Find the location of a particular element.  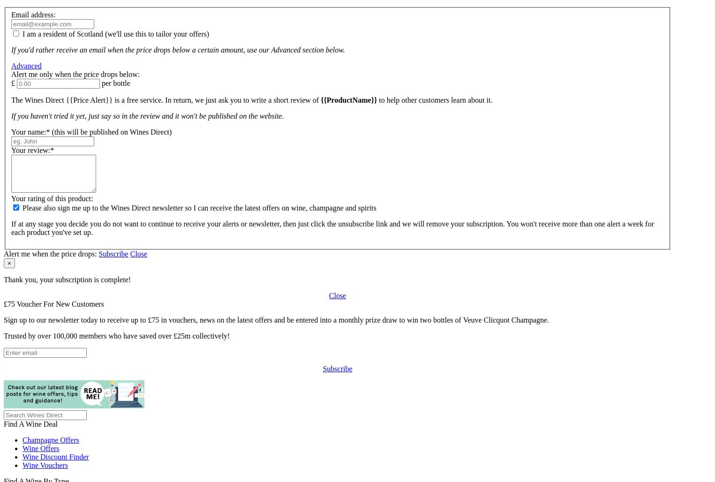

'Email address:' is located at coordinates (33, 14).